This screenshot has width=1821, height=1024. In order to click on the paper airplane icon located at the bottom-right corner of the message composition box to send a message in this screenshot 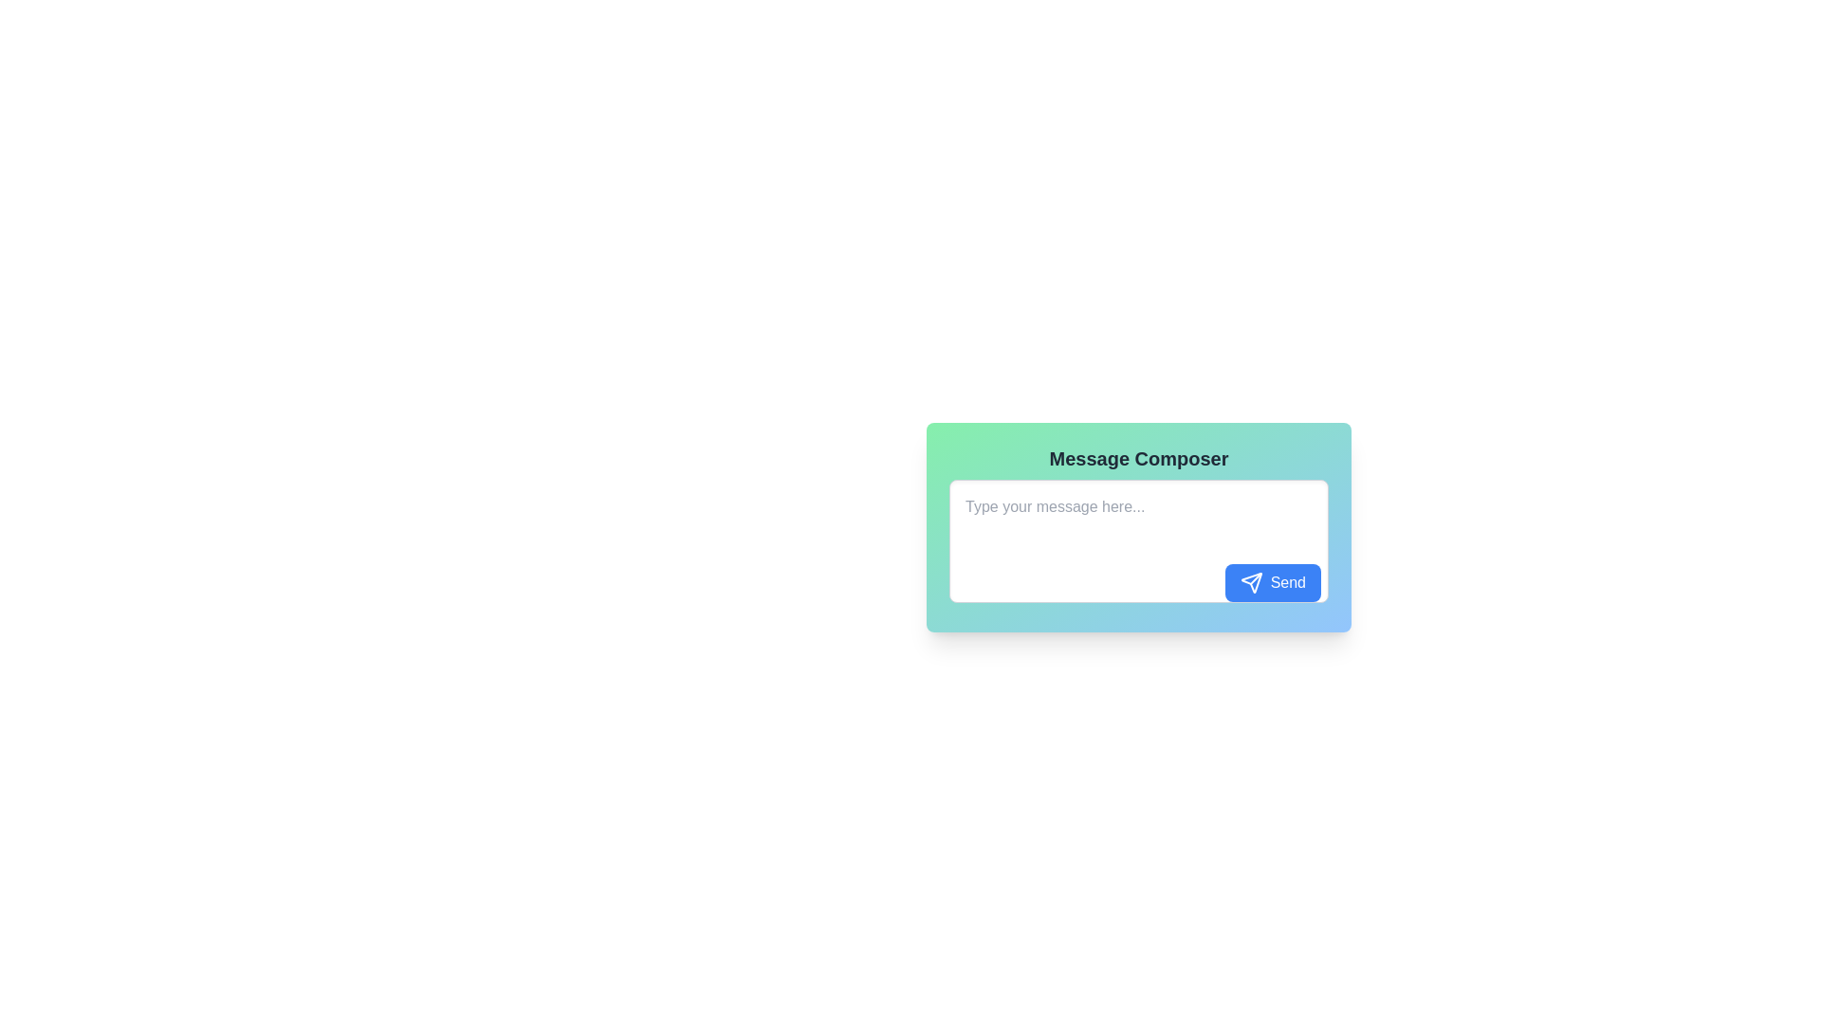, I will do `click(1251, 581)`.